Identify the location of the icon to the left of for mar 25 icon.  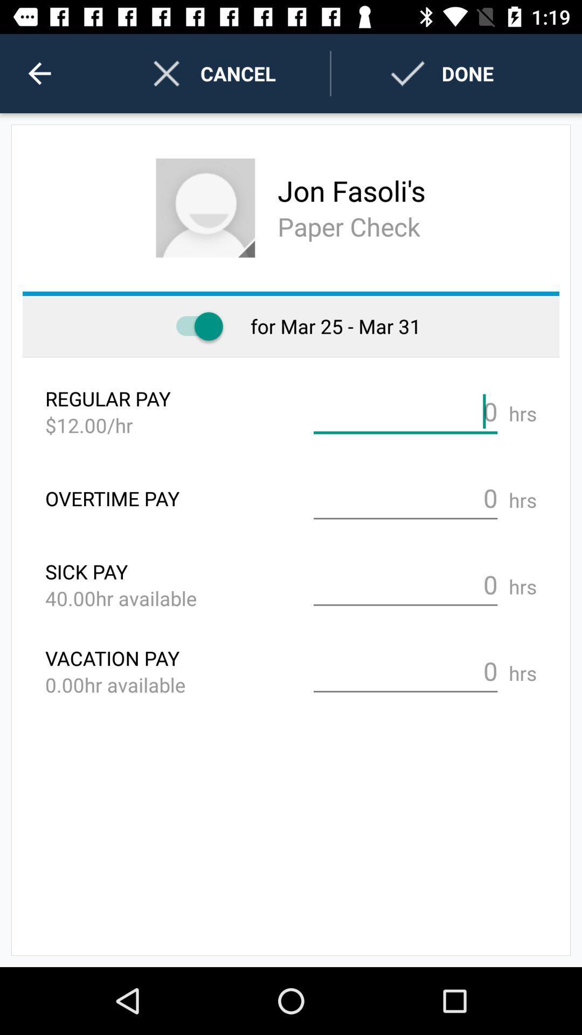
(194, 326).